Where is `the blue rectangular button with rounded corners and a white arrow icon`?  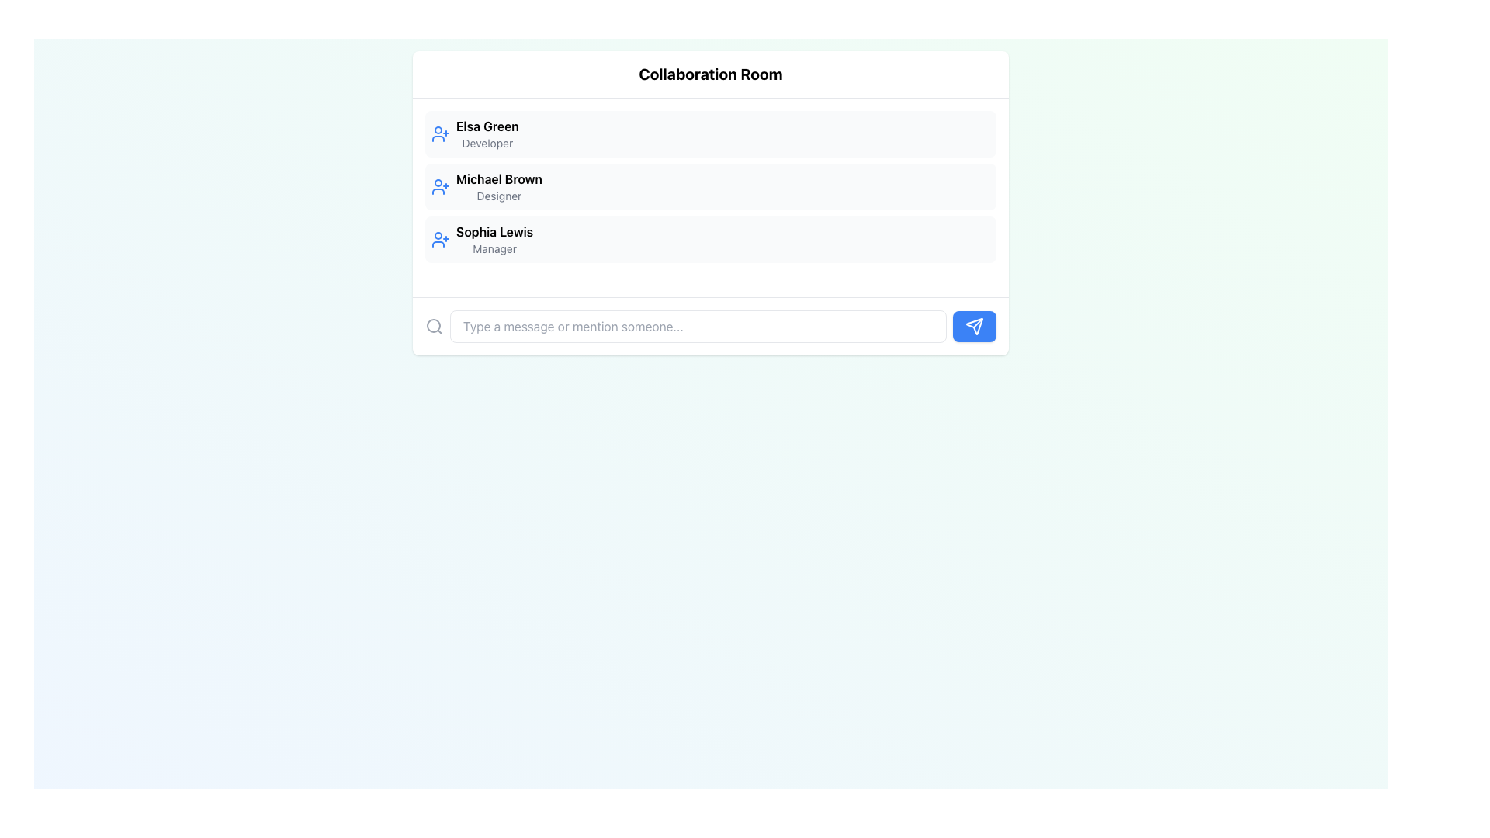
the blue rectangular button with rounded corners and a white arrow icon is located at coordinates (974, 325).